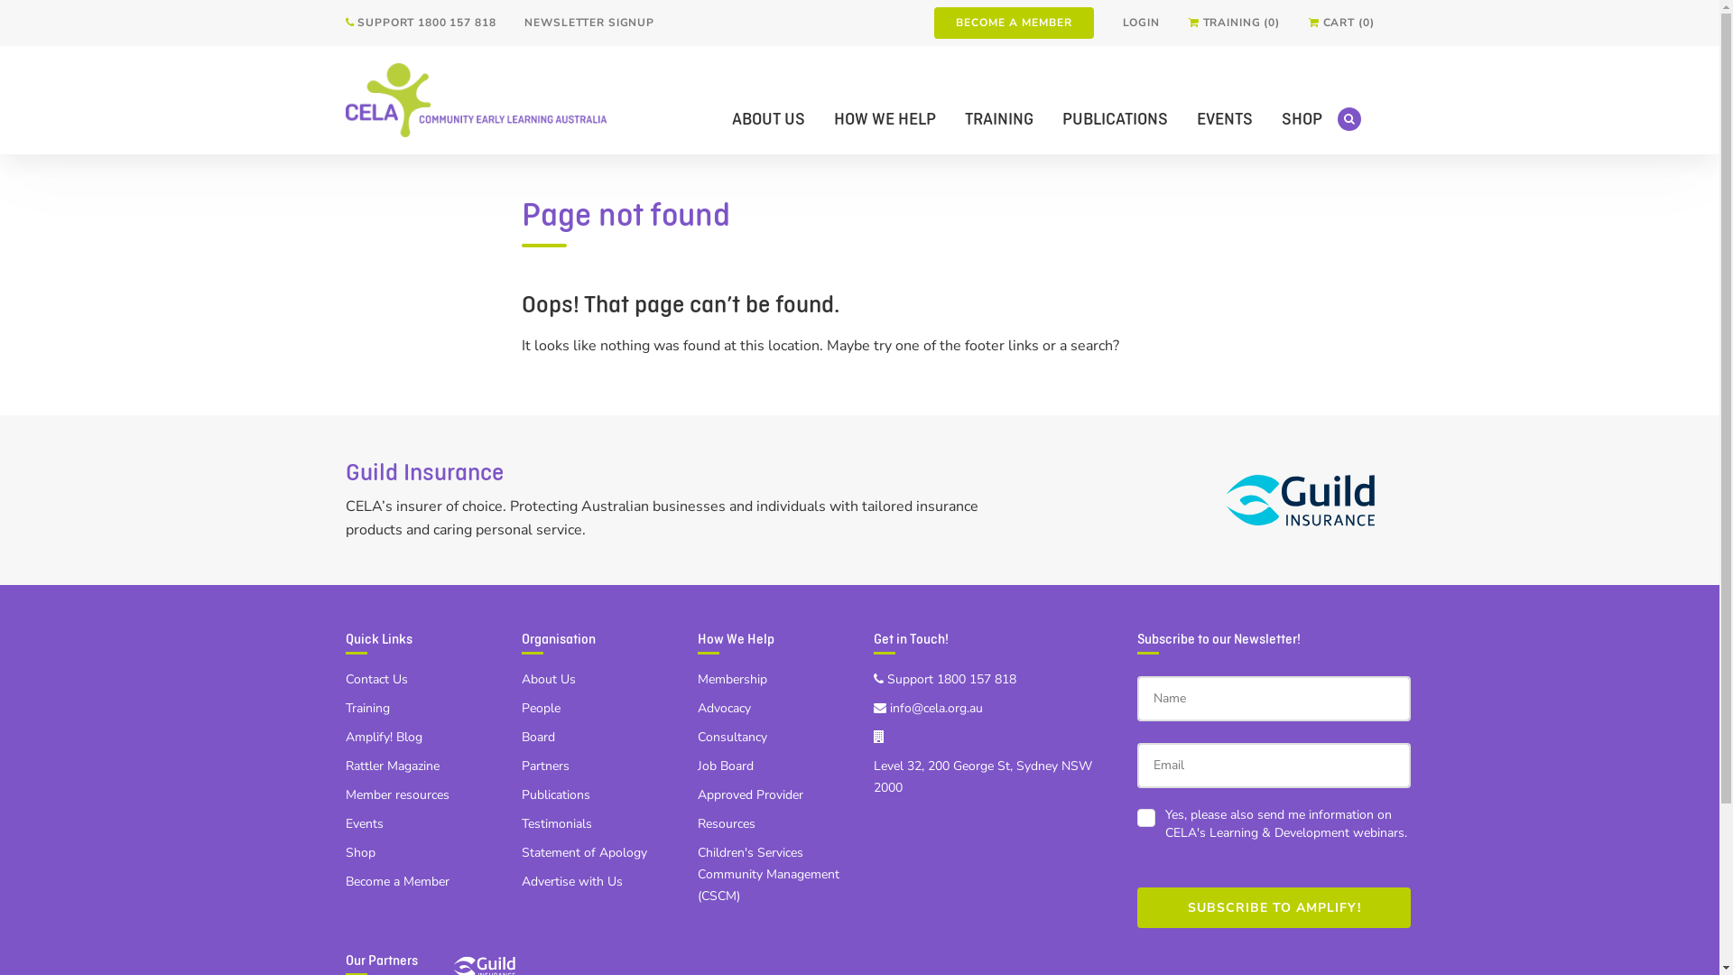 This screenshot has width=1733, height=975. Describe the element at coordinates (1302, 118) in the screenshot. I see `'SHOP'` at that location.